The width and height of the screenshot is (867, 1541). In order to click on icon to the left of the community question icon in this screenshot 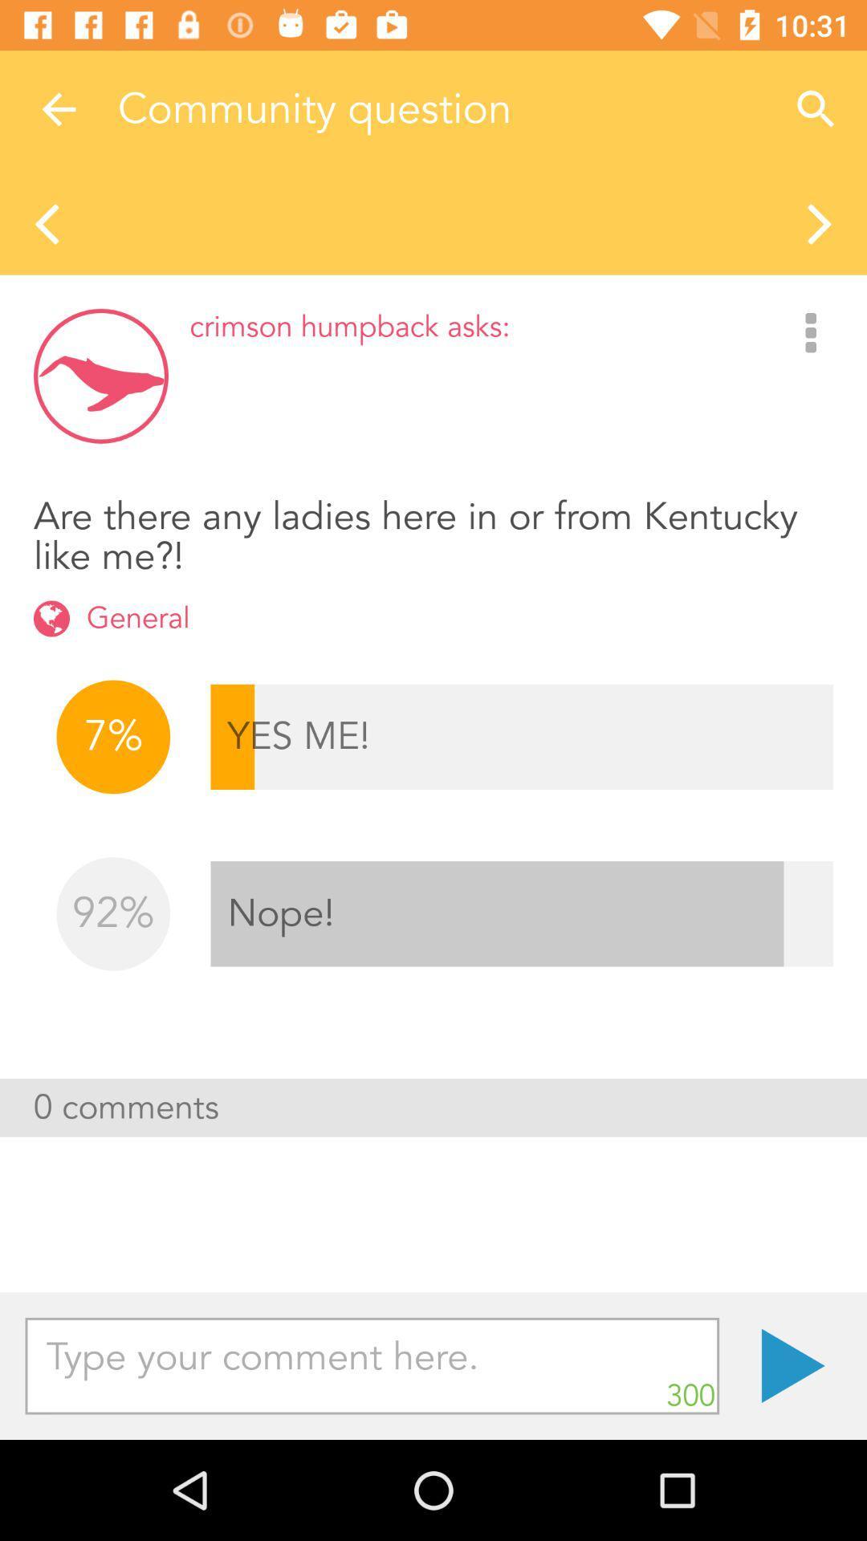, I will do `click(58, 108)`.